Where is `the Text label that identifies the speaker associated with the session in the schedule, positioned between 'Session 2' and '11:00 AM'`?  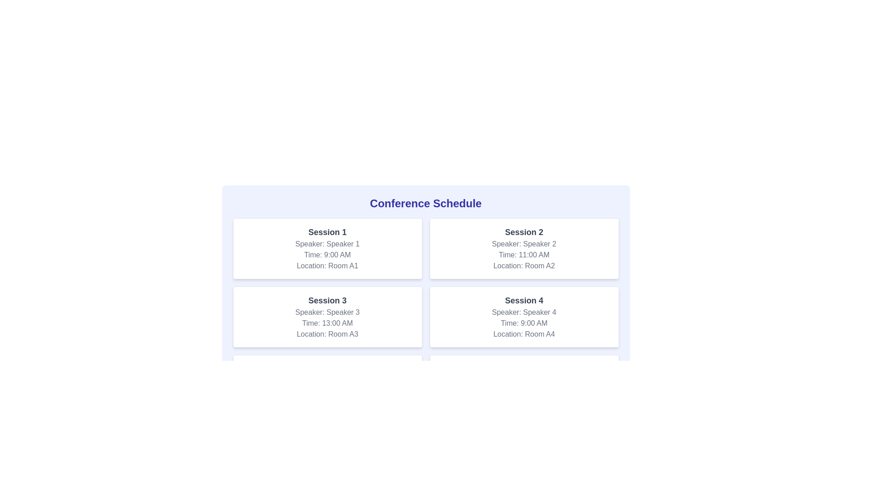
the Text label that identifies the speaker associated with the session in the schedule, positioned between 'Session 2' and '11:00 AM' is located at coordinates (524, 244).